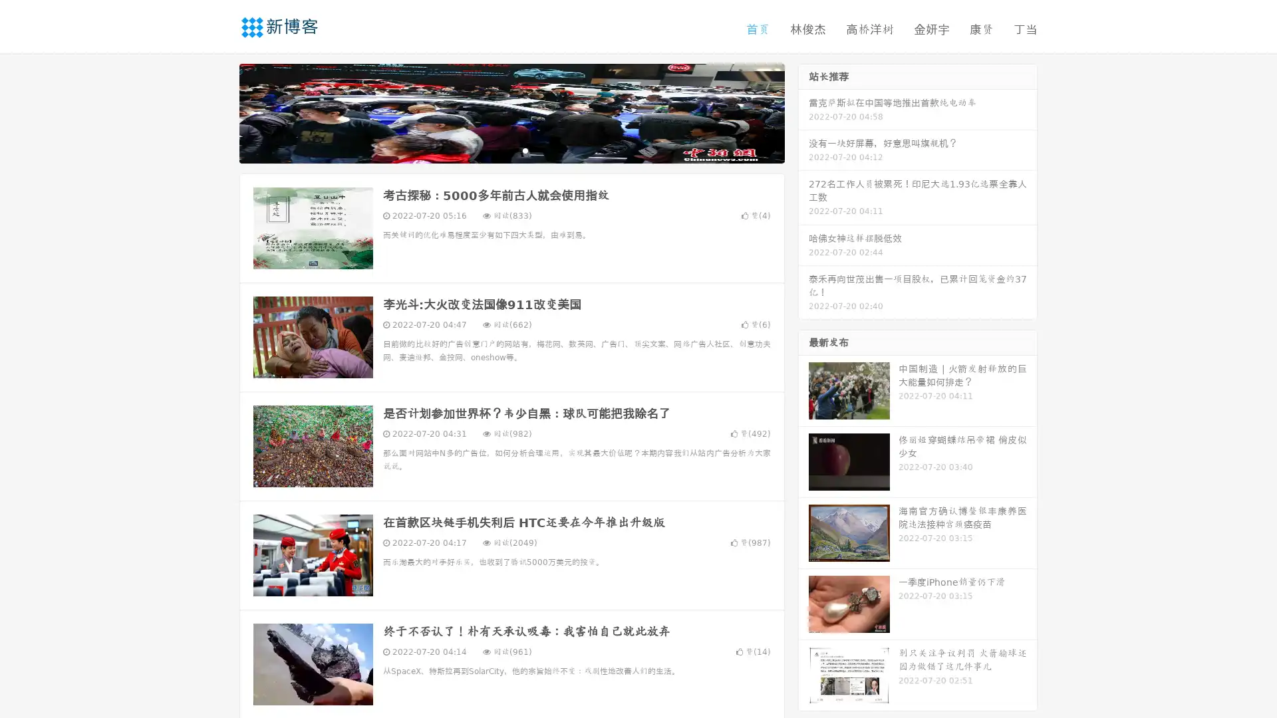 This screenshot has height=718, width=1277. I want to click on Previous slide, so click(219, 112).